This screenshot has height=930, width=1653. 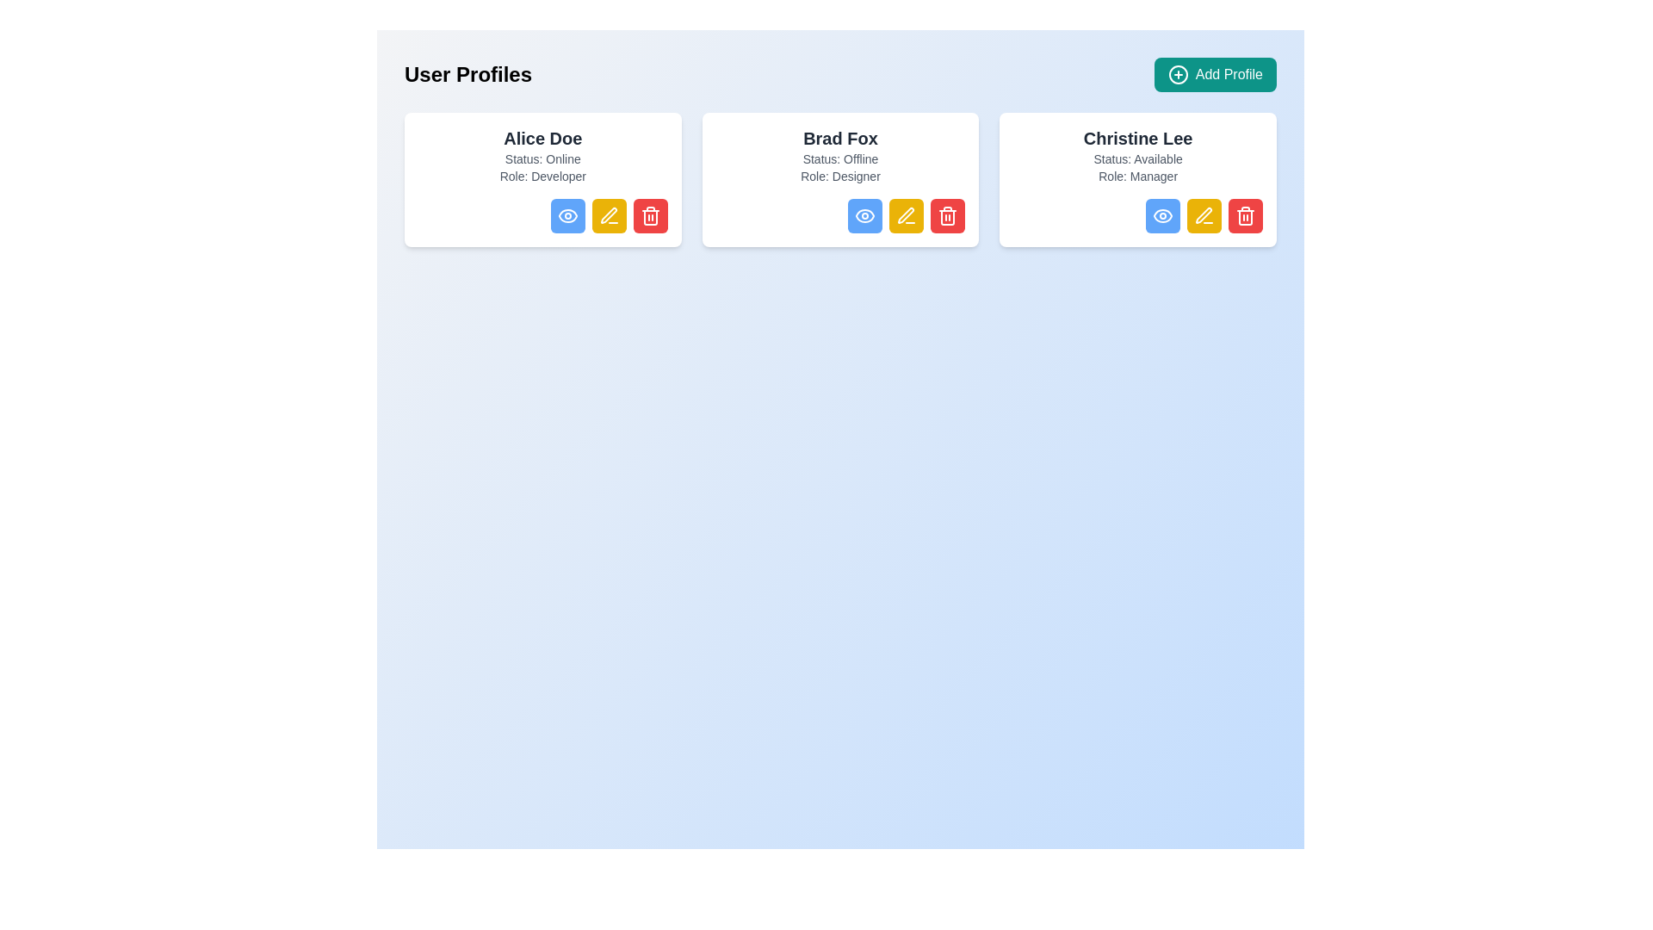 What do you see at coordinates (1245, 214) in the screenshot?
I see `the small red trash can icon within the button located in the card associated with 'Christine Lee' under the 'User Profiles' section` at bounding box center [1245, 214].